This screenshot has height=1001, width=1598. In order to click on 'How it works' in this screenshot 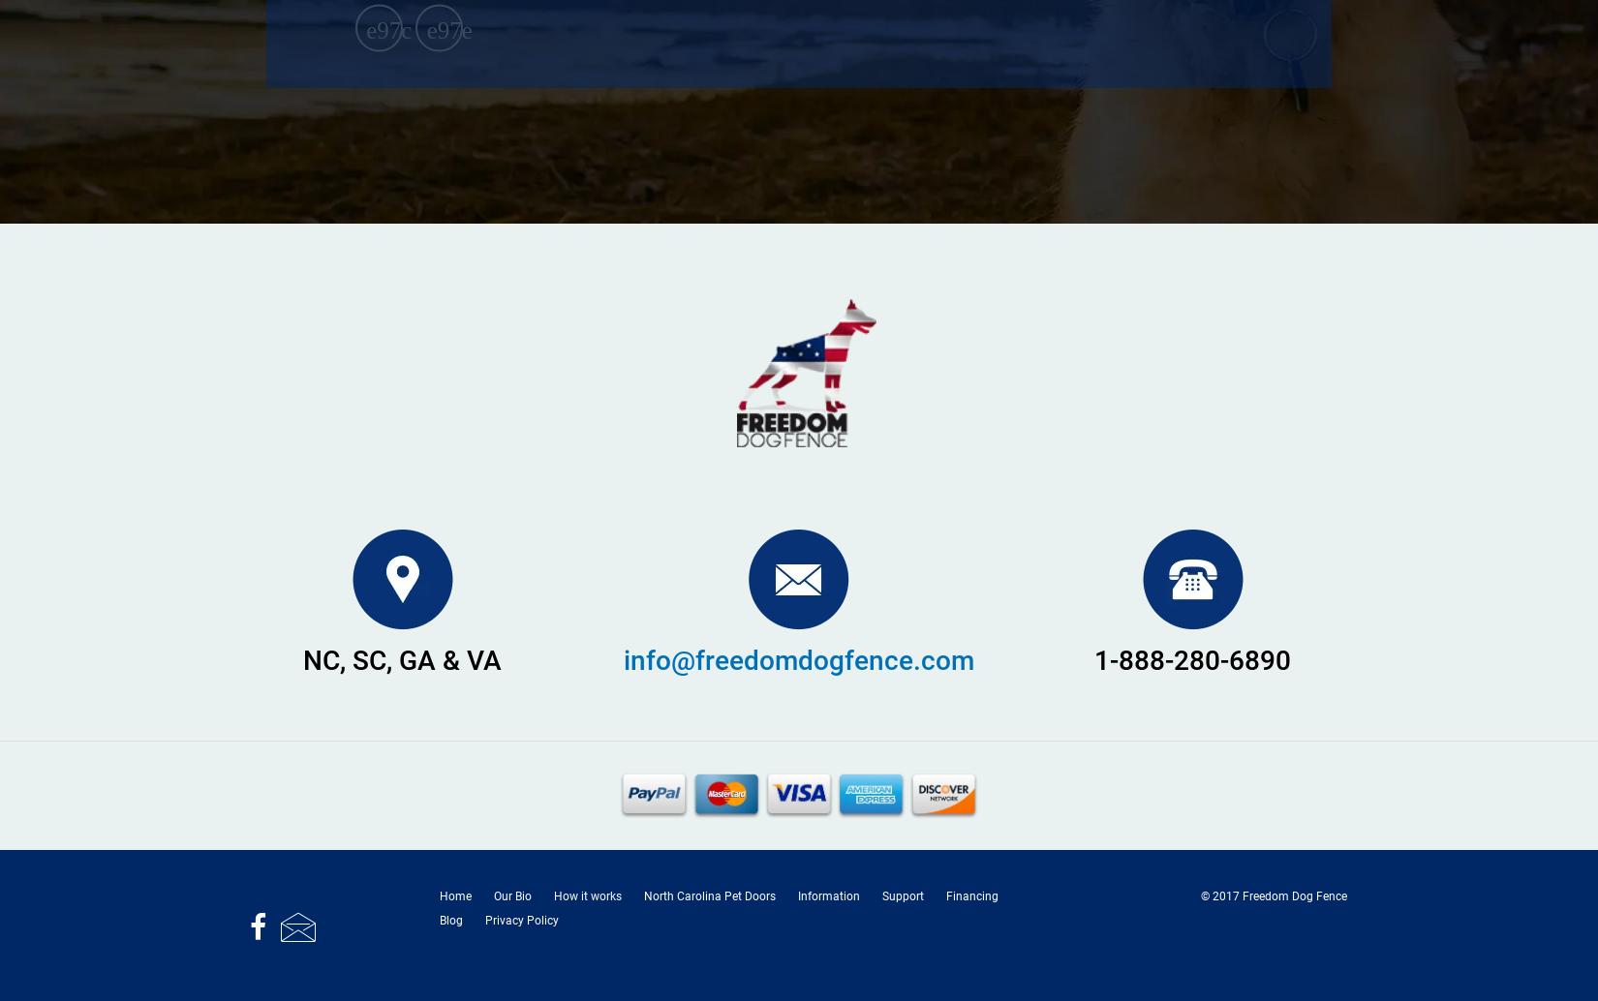, I will do `click(587, 895)`.